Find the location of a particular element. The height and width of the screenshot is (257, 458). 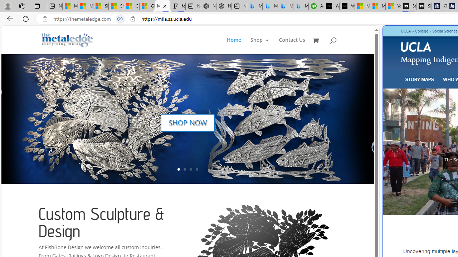

'2' is located at coordinates (184, 169).